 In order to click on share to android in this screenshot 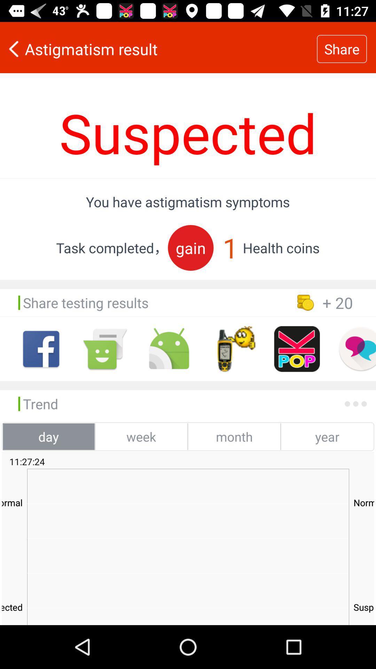, I will do `click(169, 349)`.